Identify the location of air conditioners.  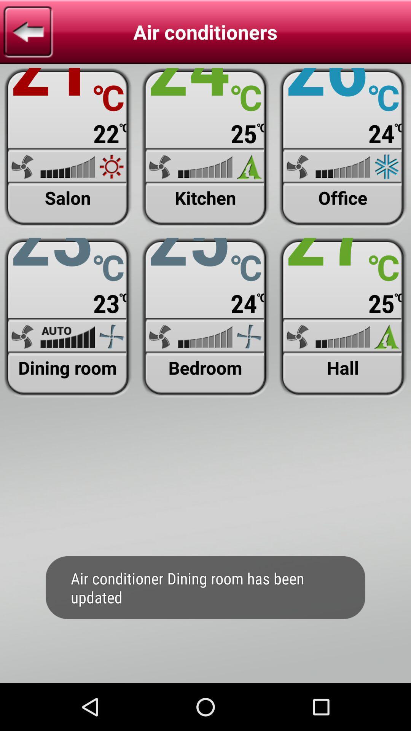
(205, 318).